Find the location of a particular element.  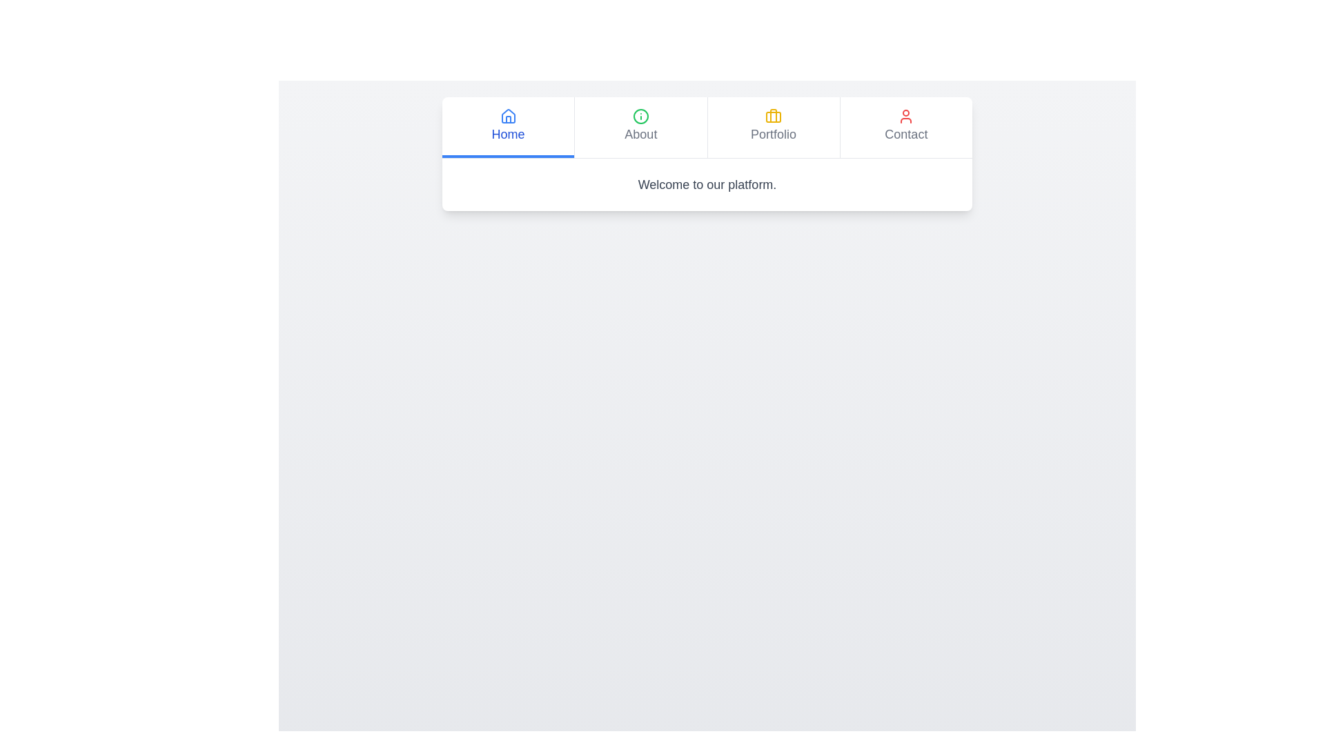

the About tab in the KnowledgeTabs component is located at coordinates (640, 128).